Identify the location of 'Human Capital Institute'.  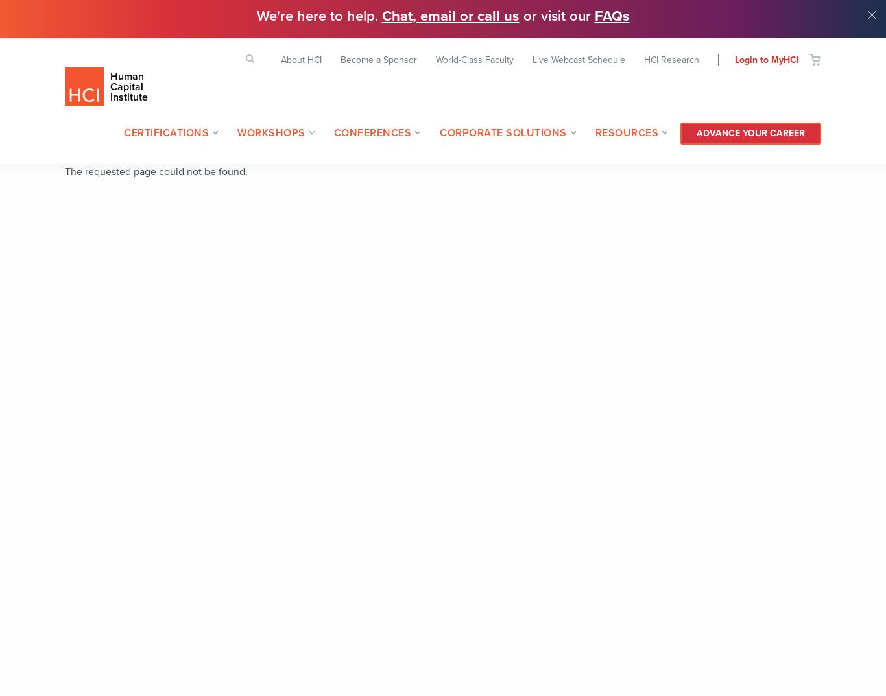
(110, 86).